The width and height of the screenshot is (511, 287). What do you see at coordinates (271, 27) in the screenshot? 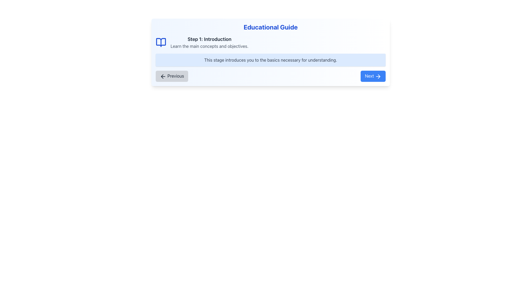
I see `the main heading text label located at the top of the card styled with a gradient background` at bounding box center [271, 27].